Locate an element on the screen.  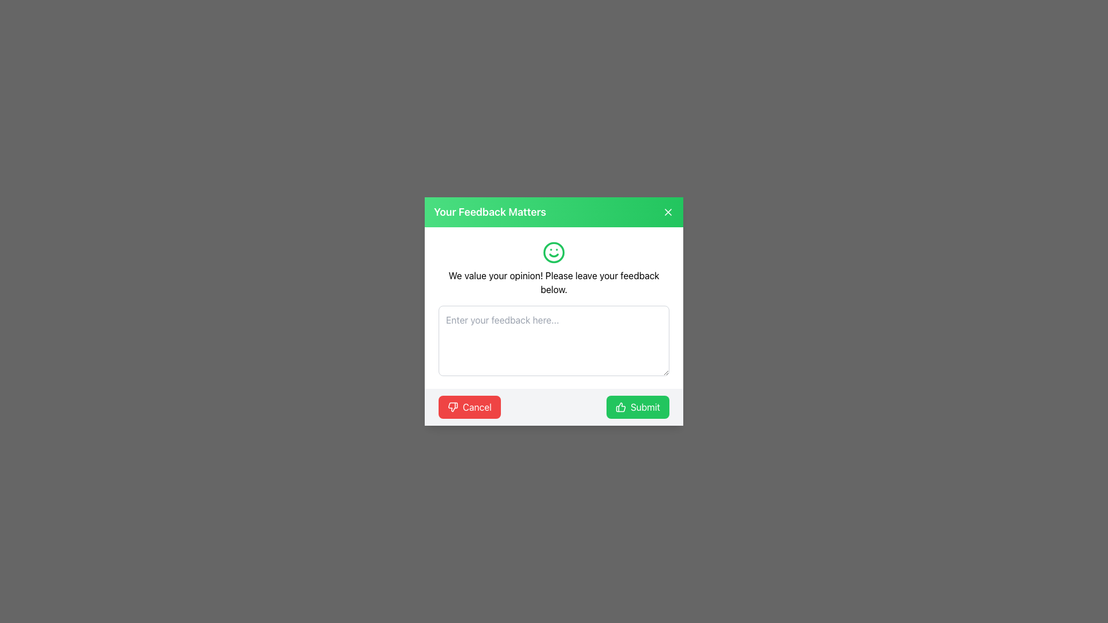
the red 'Cancel' button with white text and a thumbs-down icon located in the bottom-left section of the modal dialog is located at coordinates (469, 406).